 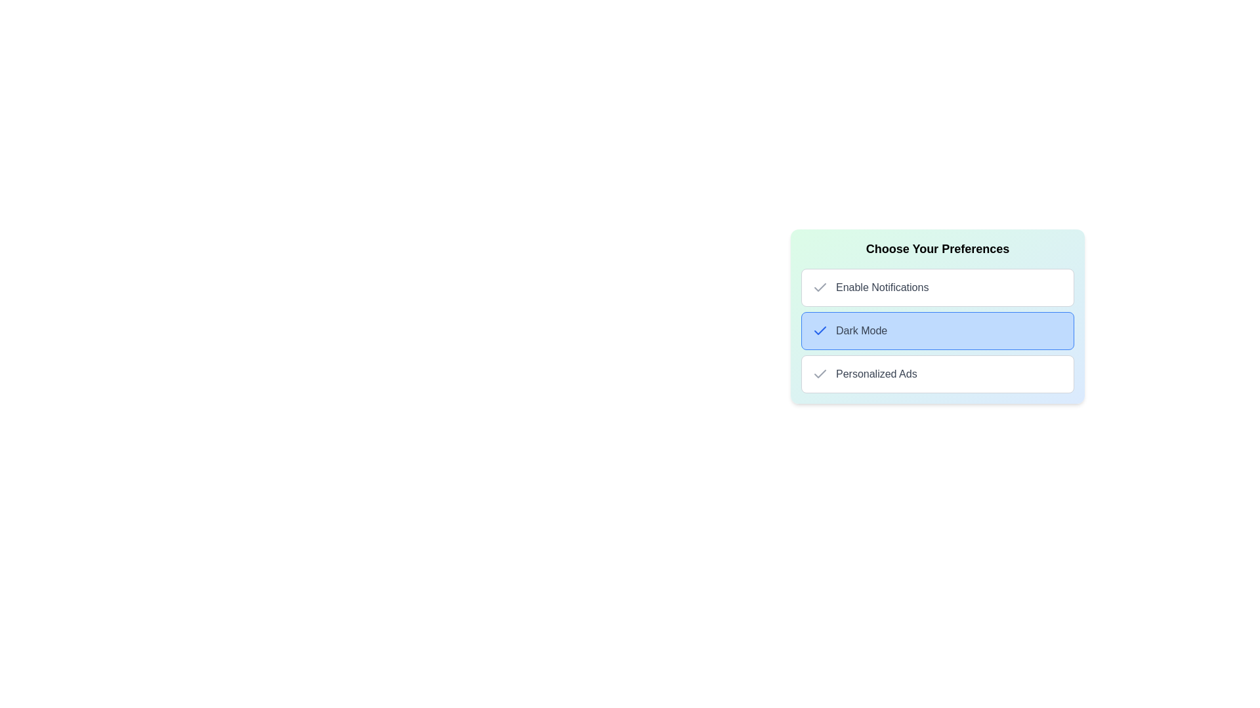 What do you see at coordinates (876, 374) in the screenshot?
I see `the text label reading 'Personalized Ads' which is styled with a gray font color and located in the bottom row of preferences under 'Choose Your Preferences.'` at bounding box center [876, 374].